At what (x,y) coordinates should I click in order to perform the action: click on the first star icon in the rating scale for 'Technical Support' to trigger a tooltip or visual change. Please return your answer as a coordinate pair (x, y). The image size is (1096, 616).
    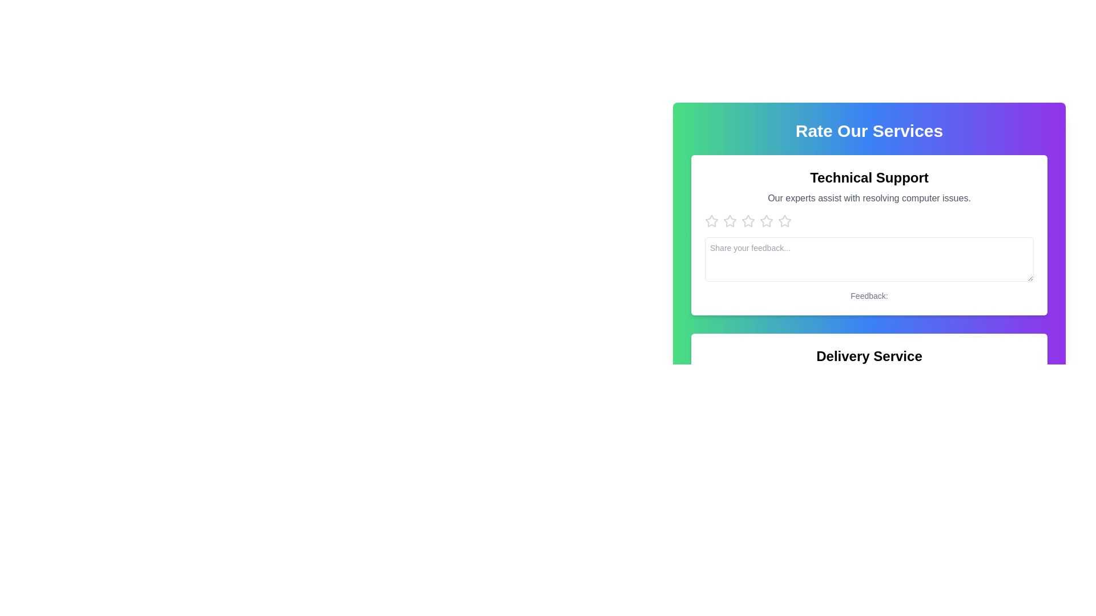
    Looking at the image, I should click on (711, 221).